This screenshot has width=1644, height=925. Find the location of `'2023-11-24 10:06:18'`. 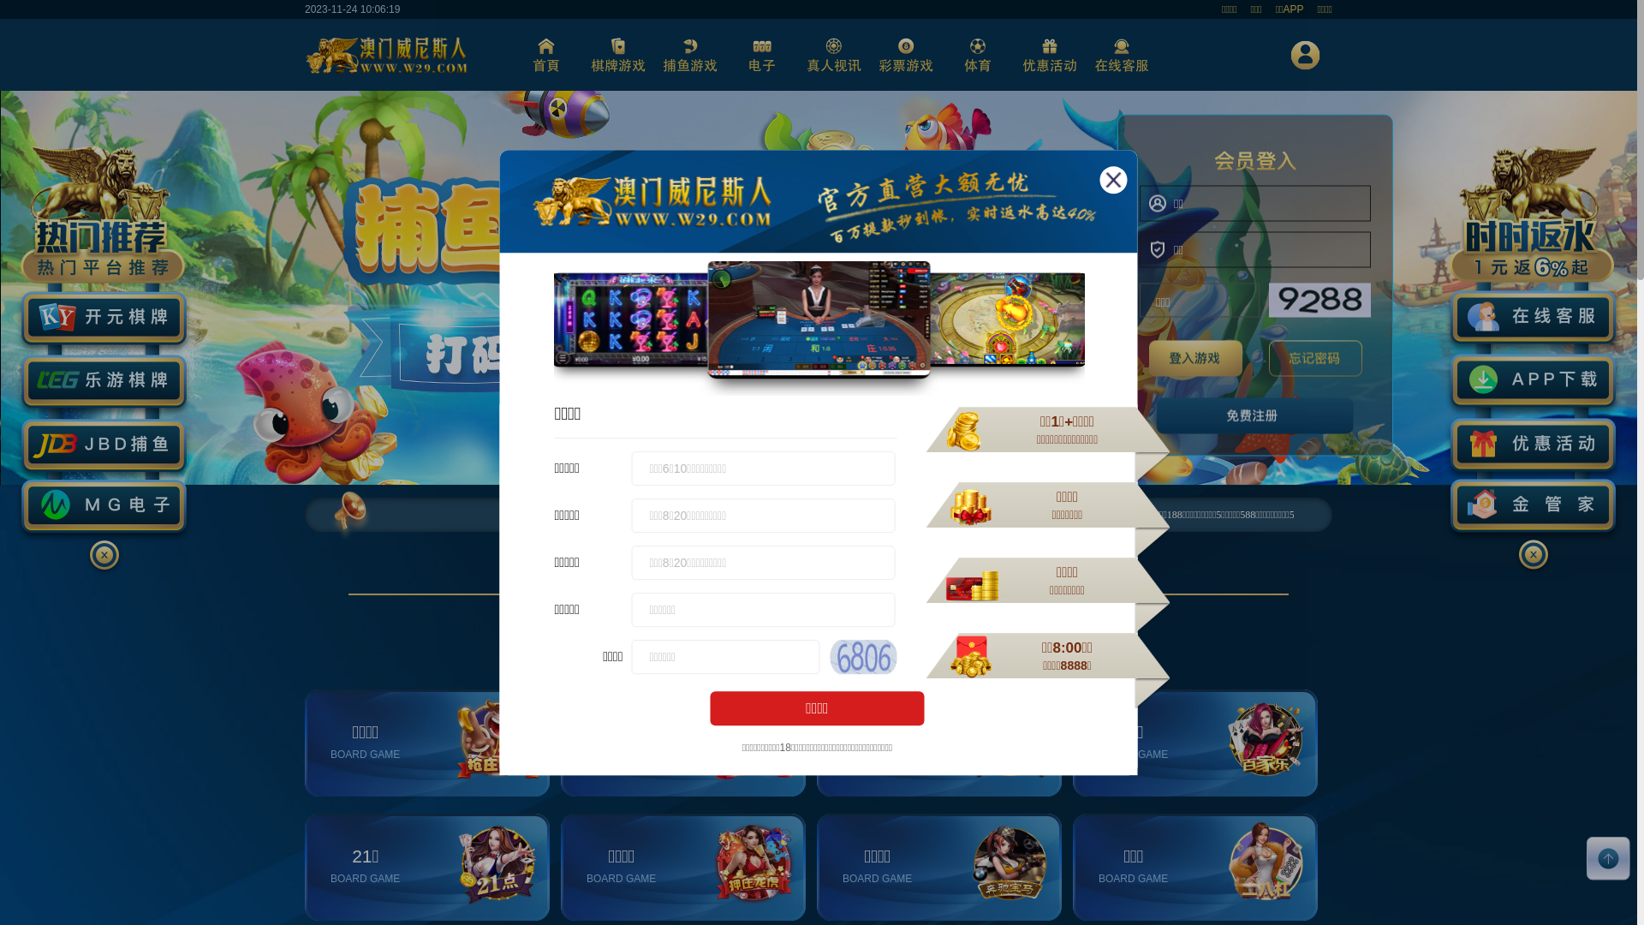

'2023-11-24 10:06:18' is located at coordinates (304, 9).